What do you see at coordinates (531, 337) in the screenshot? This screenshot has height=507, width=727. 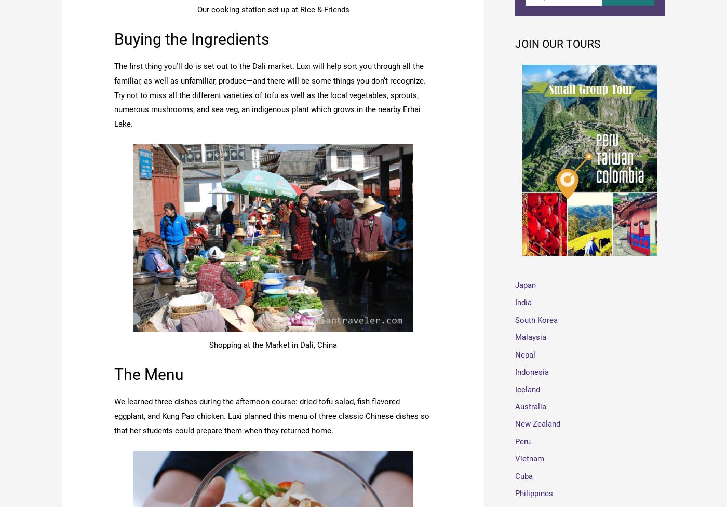 I see `'Malaysia'` at bounding box center [531, 337].